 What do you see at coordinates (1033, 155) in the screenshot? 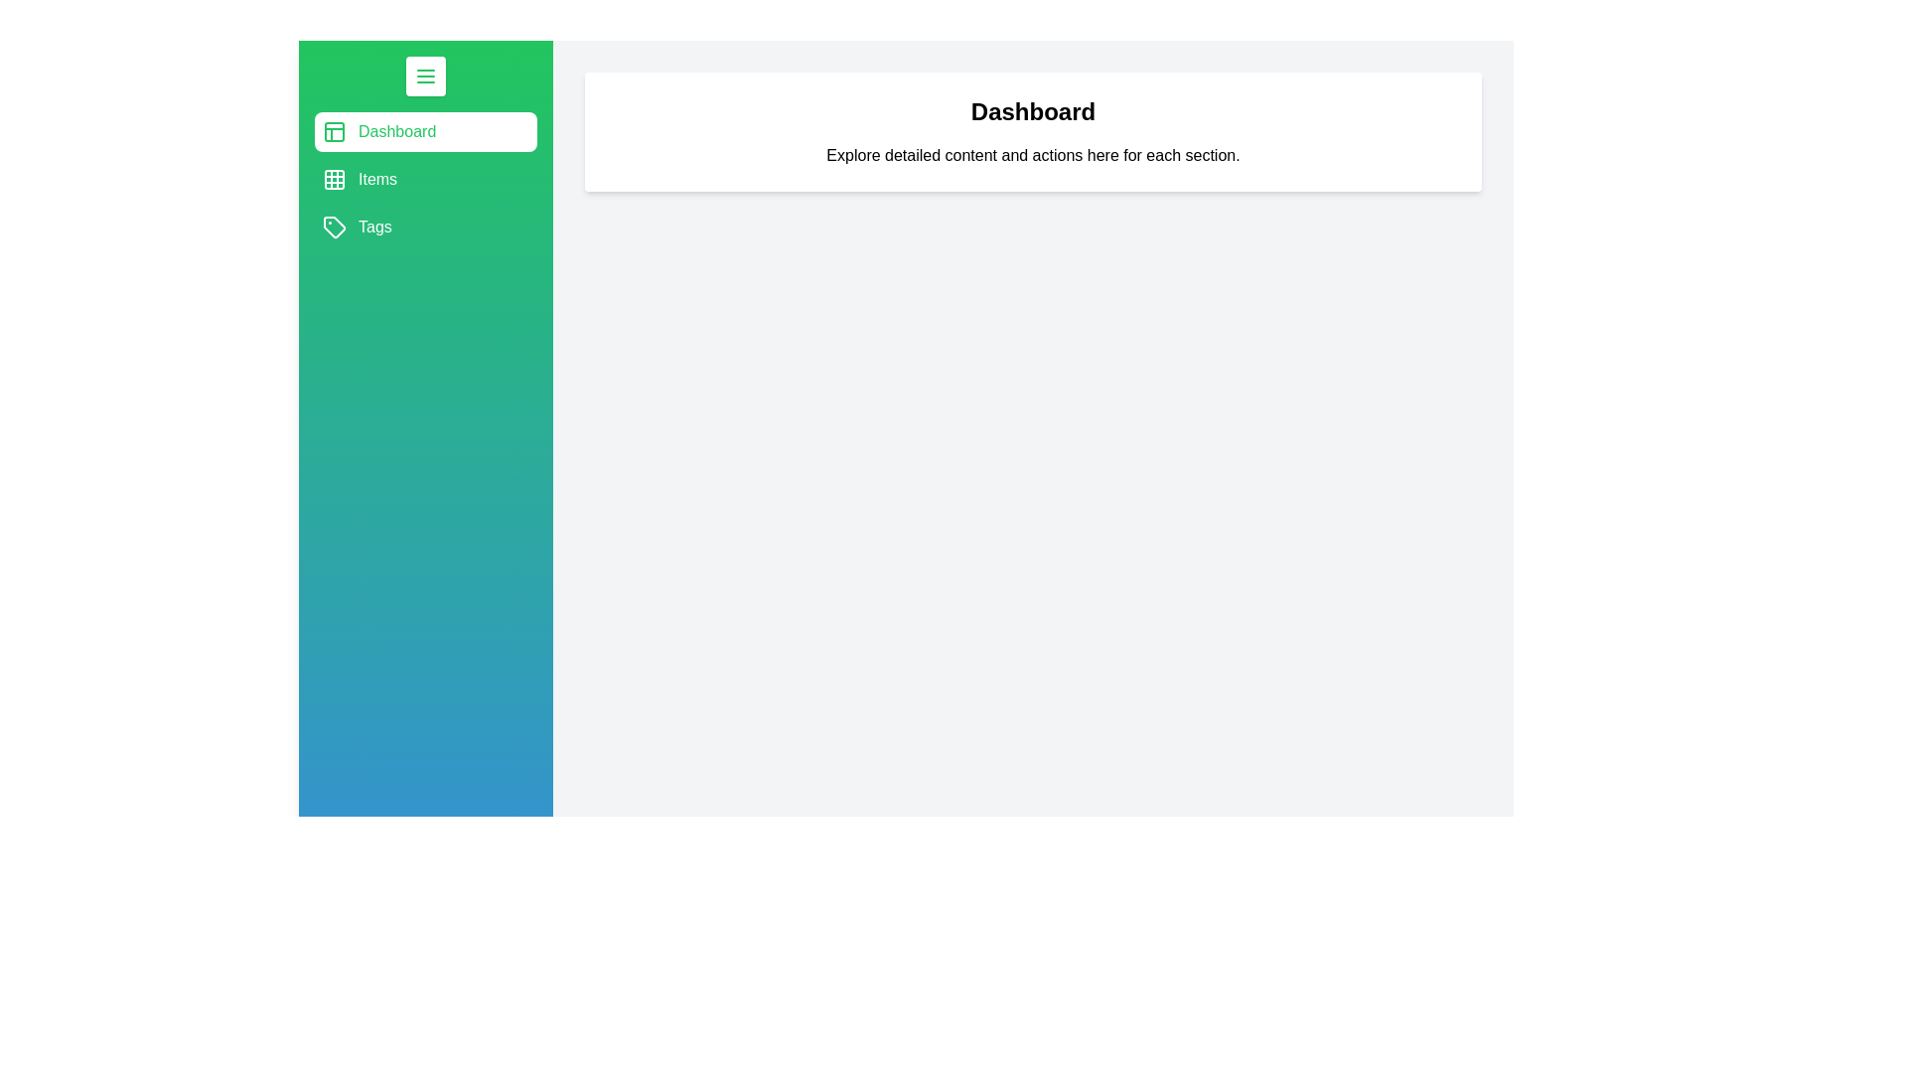
I see `the text 'Explore detailed content and actions here for each section.' in the main content area` at bounding box center [1033, 155].